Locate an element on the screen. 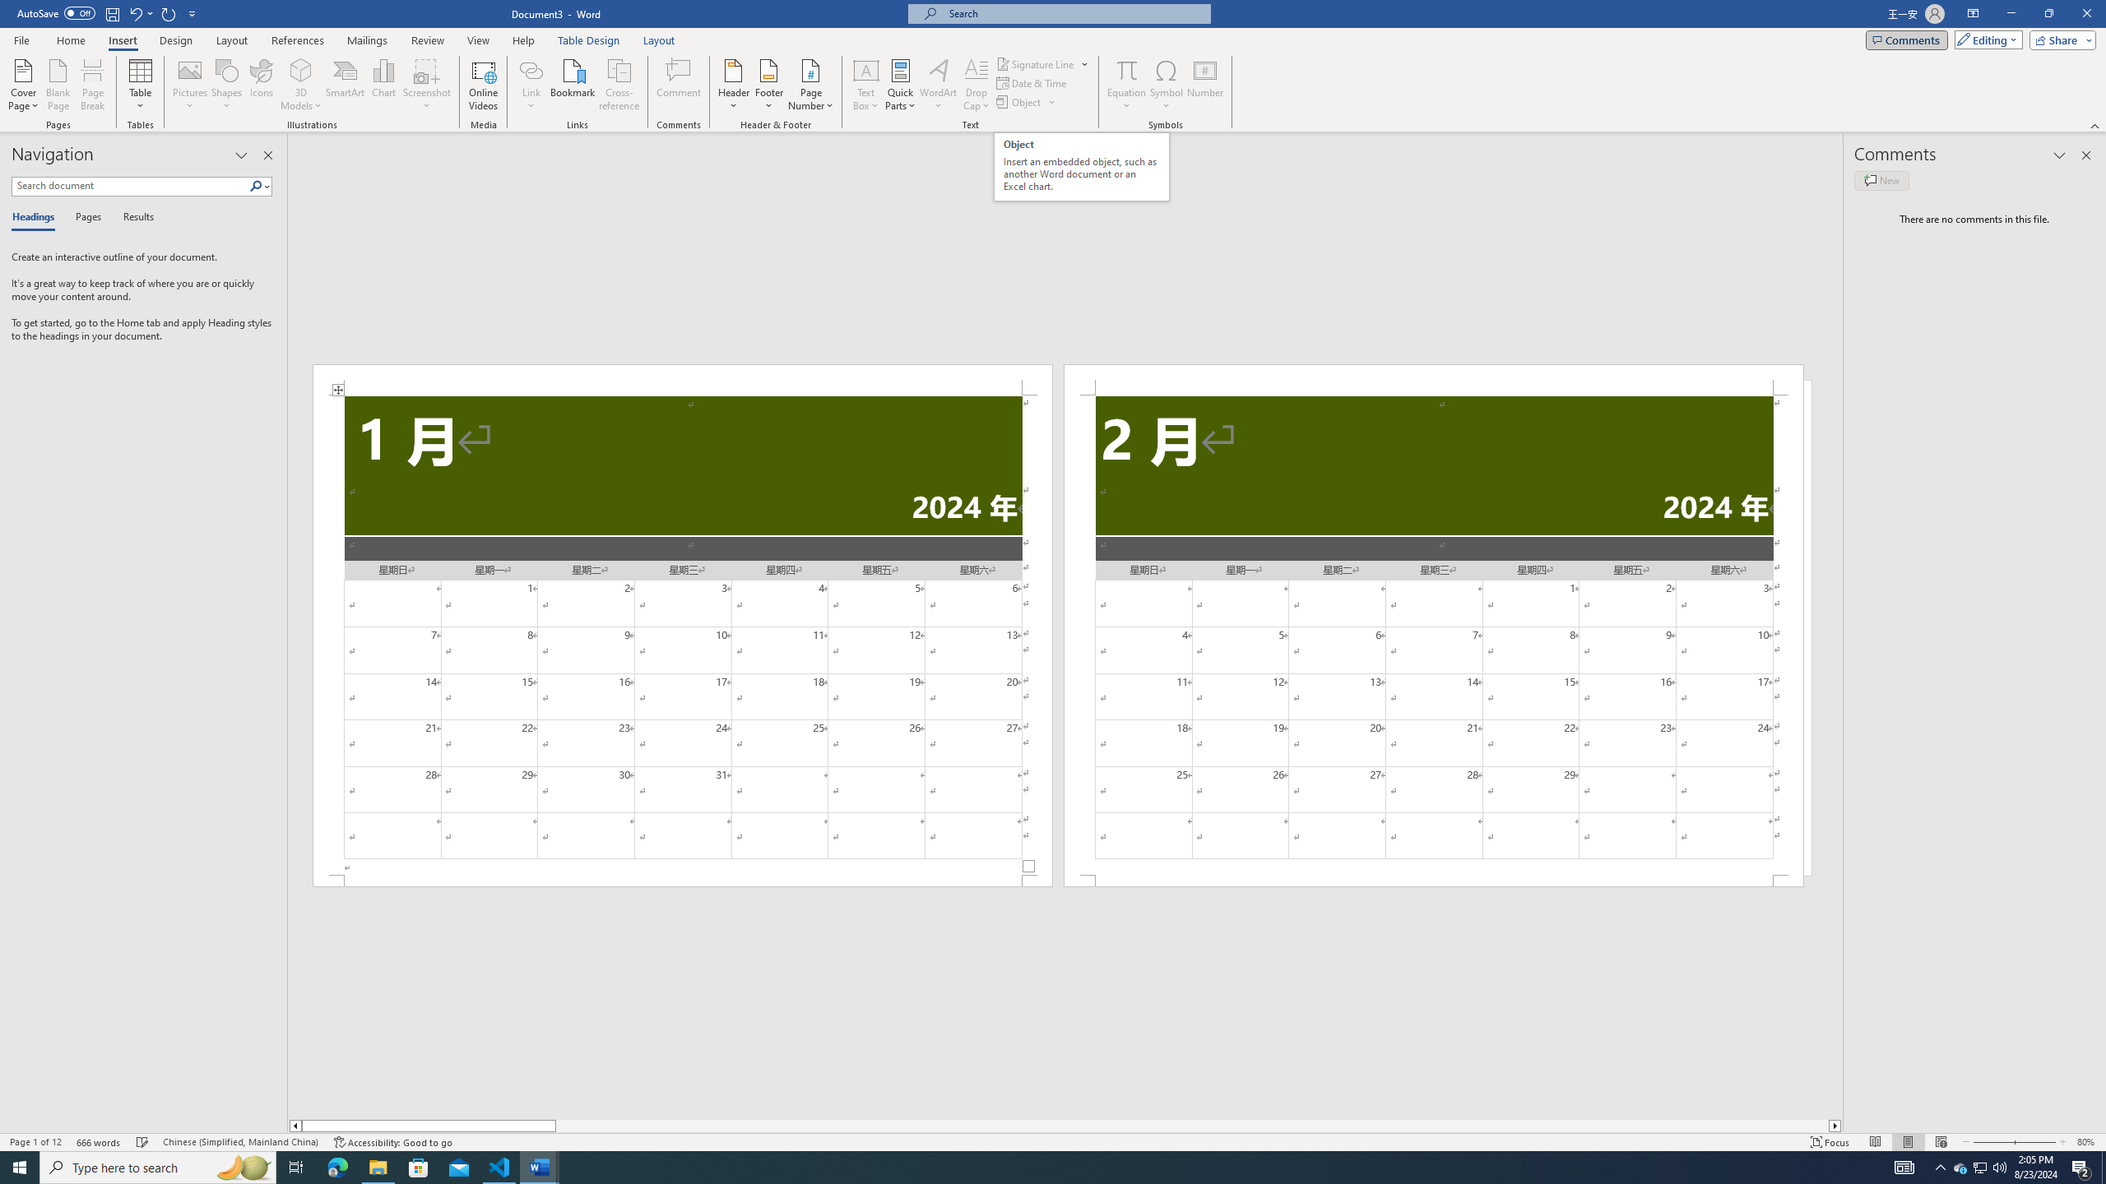 Image resolution: width=2106 pixels, height=1184 pixels. 'Spelling and Grammar Check Checking' is located at coordinates (143, 1142).